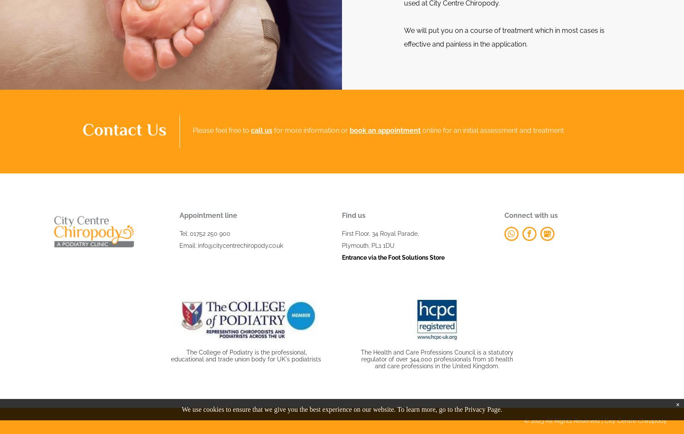 The height and width of the screenshot is (434, 684). I want to click on '@citycentrechiropody.co.uk', so click(246, 245).